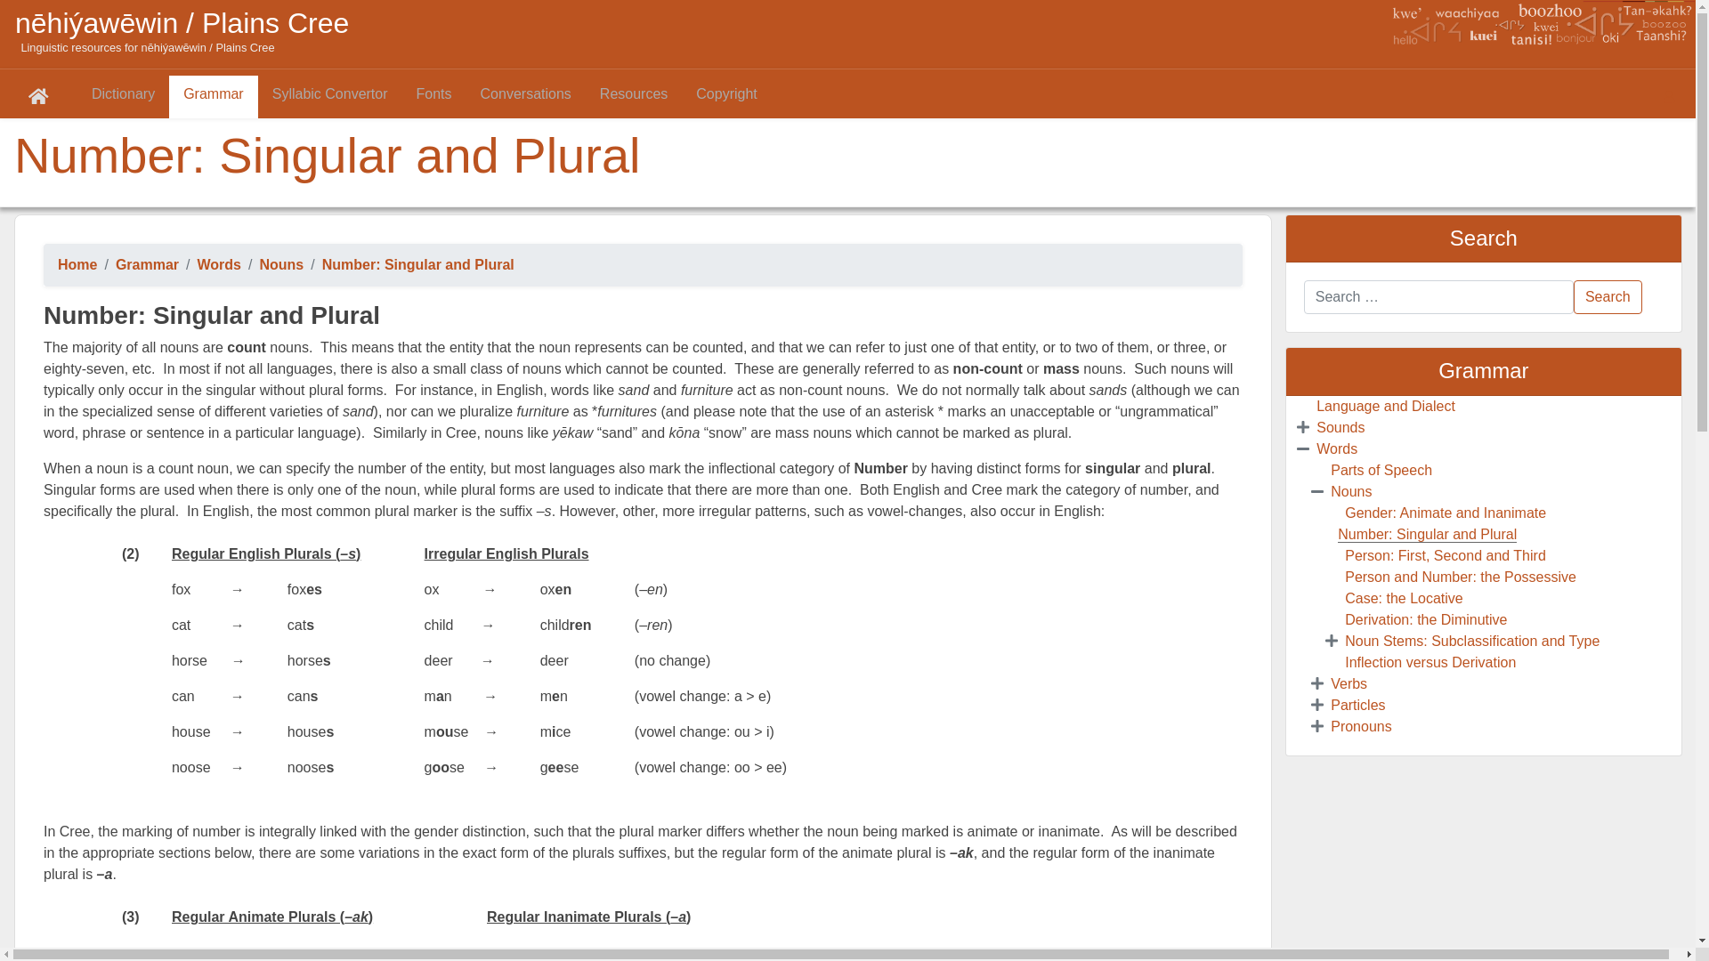 This screenshot has width=1709, height=961. I want to click on 'Resources', so click(633, 96).